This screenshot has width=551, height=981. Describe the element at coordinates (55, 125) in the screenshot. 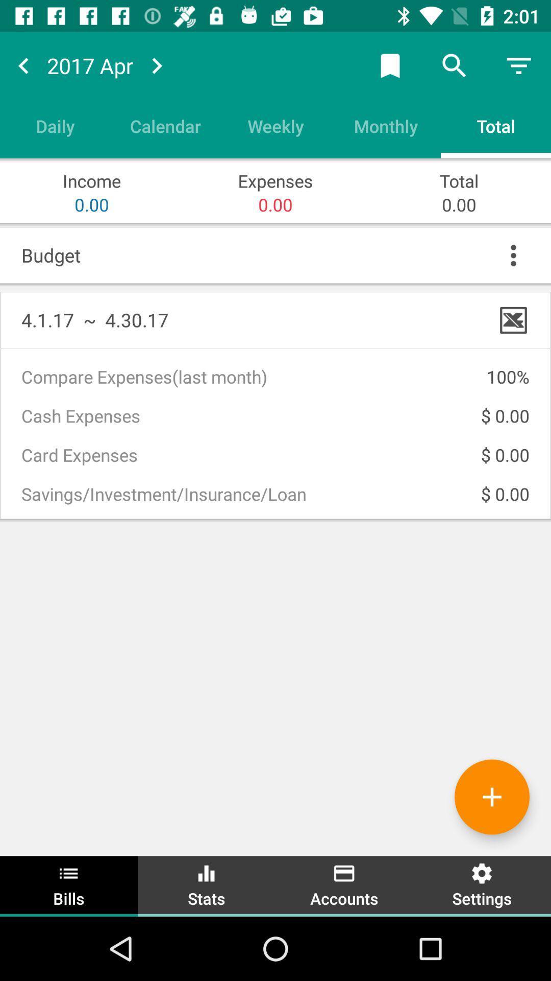

I see `item next to calendar item` at that location.